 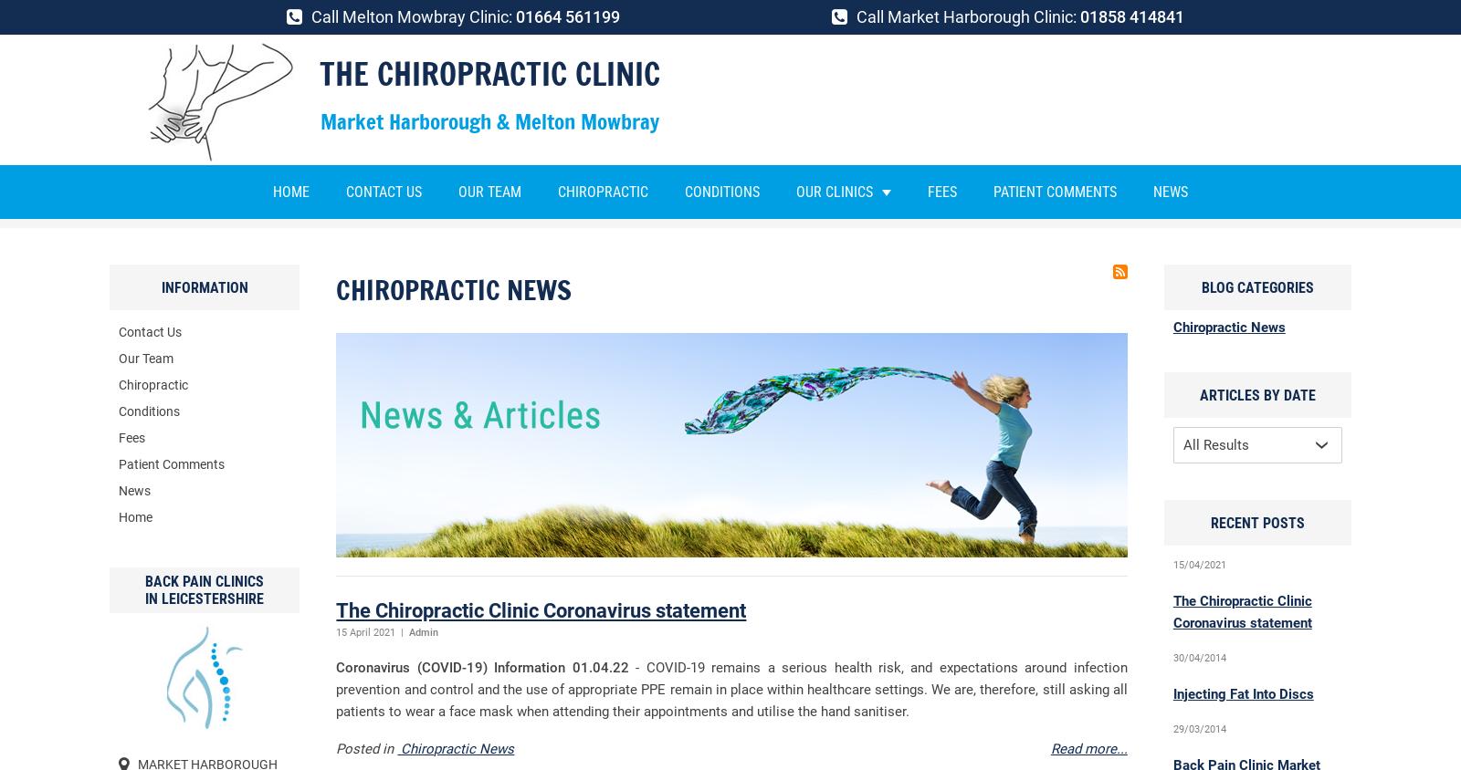 I want to click on 'Recent Posts', so click(x=1256, y=522).